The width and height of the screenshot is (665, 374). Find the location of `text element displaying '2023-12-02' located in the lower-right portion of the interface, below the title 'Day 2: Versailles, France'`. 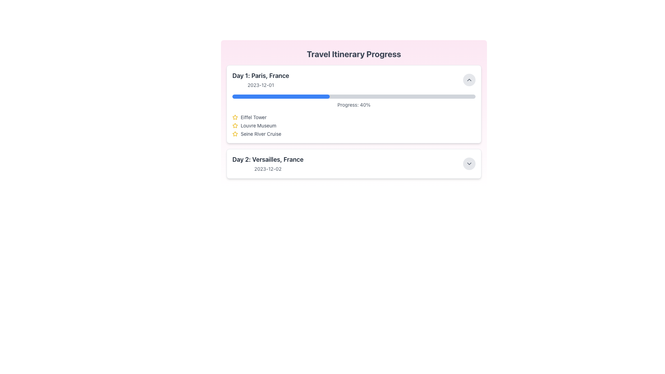

text element displaying '2023-12-02' located in the lower-right portion of the interface, below the title 'Day 2: Versailles, France' is located at coordinates (267, 169).